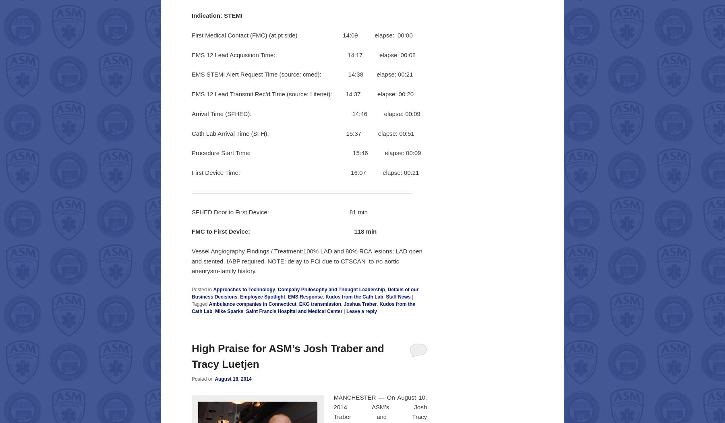 The width and height of the screenshot is (725, 423). Describe the element at coordinates (284, 231) in the screenshot. I see `'FMC to First Device:                                                              118 min'` at that location.